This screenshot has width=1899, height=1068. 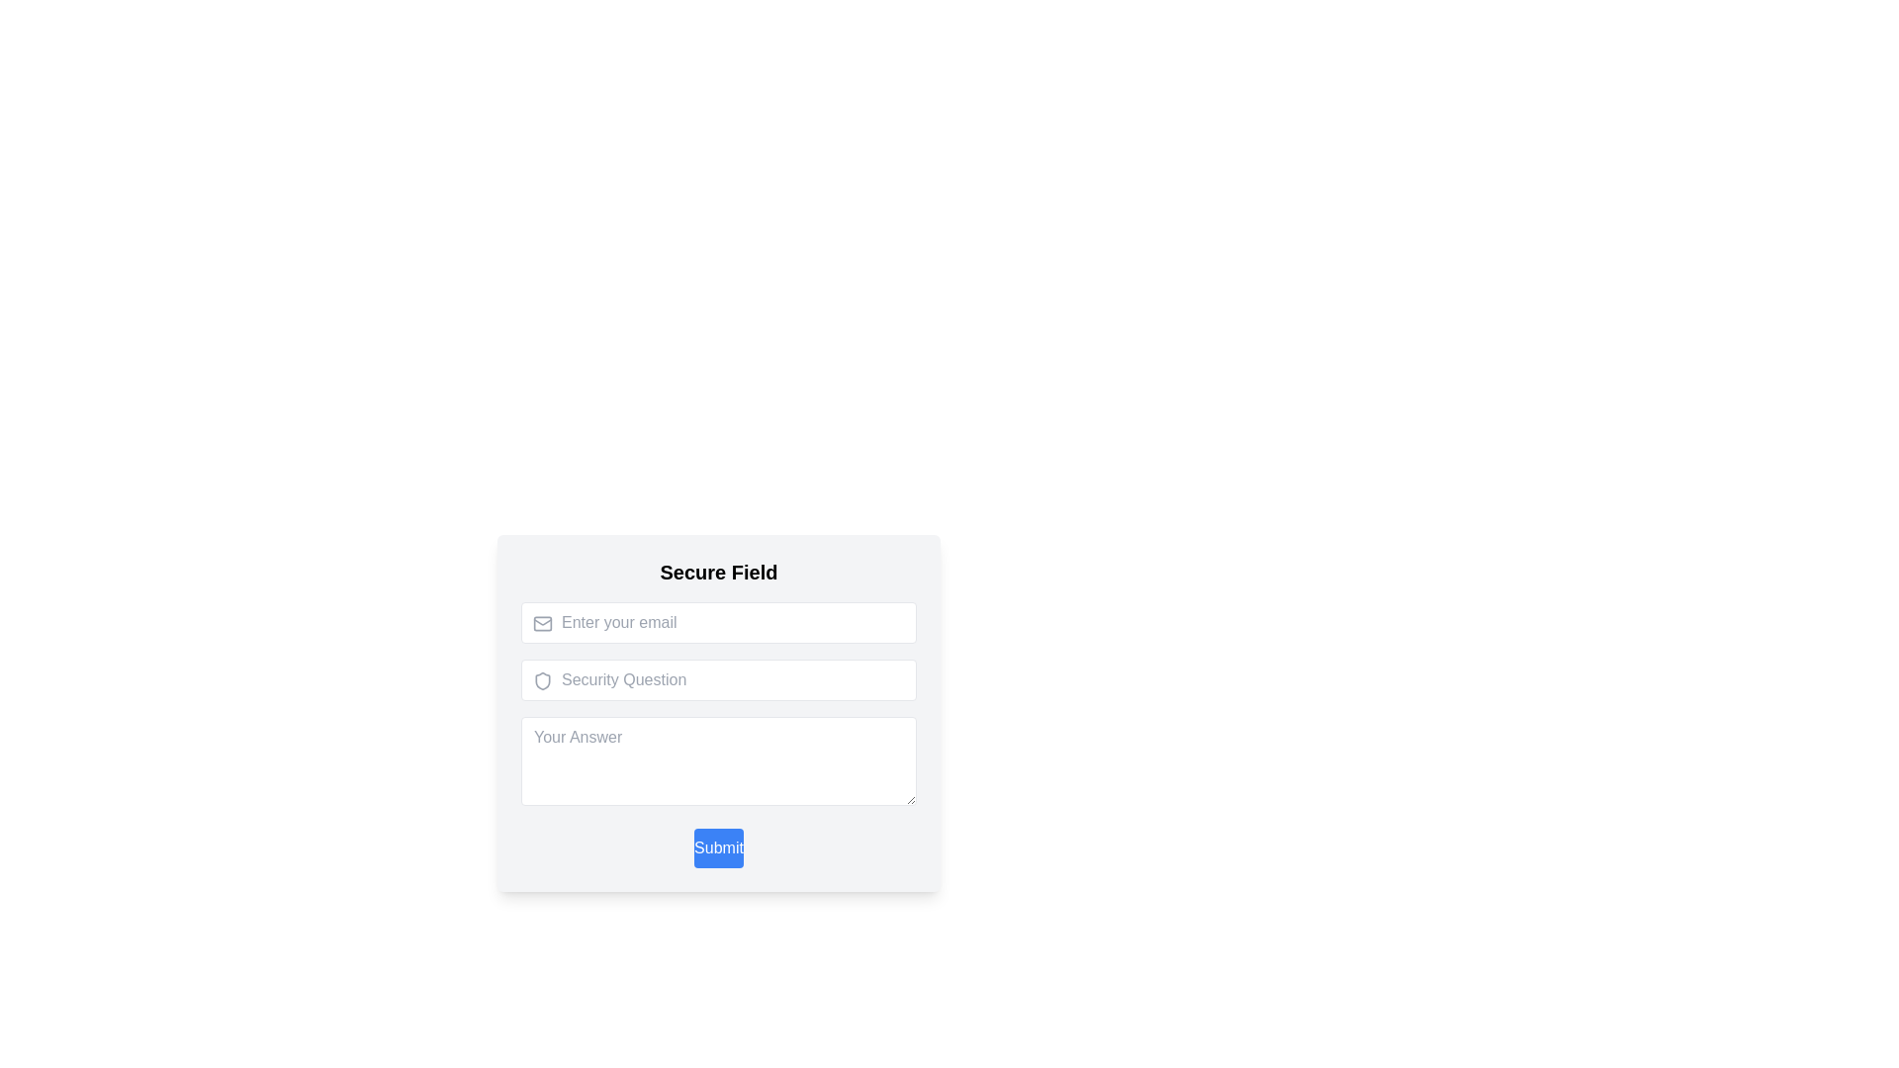 I want to click on the second input field for answering a security question, so click(x=717, y=678).